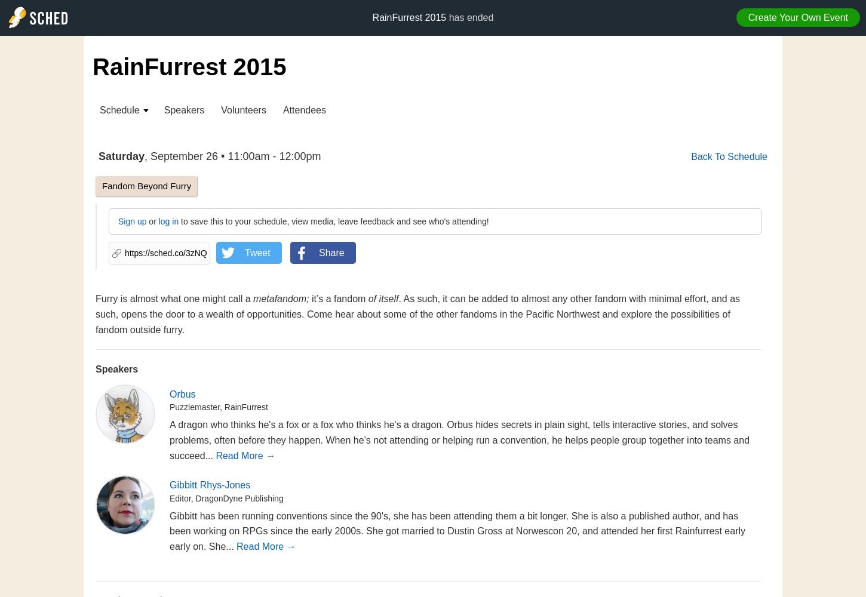 The height and width of the screenshot is (597, 866). I want to click on 'Orbus', so click(182, 393).